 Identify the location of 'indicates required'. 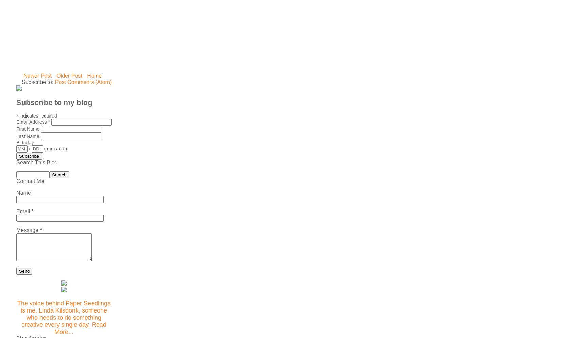
(37, 115).